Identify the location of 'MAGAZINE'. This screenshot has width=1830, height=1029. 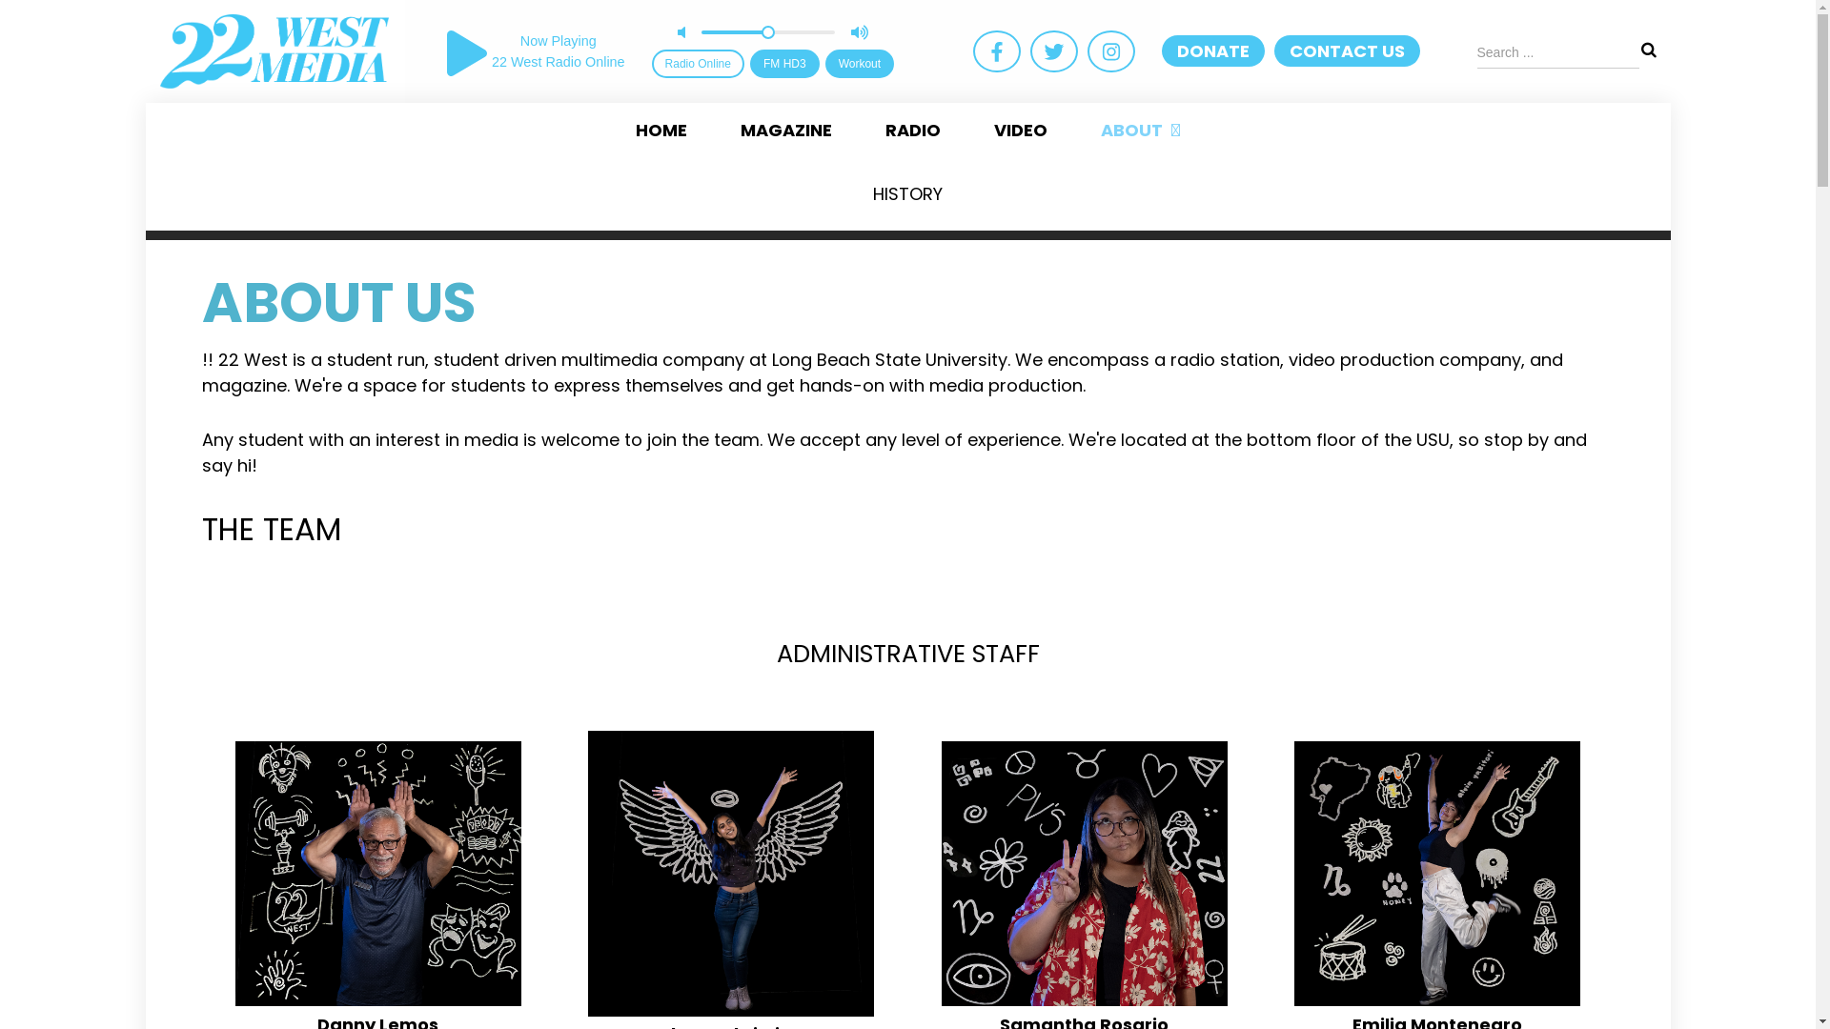
(786, 130).